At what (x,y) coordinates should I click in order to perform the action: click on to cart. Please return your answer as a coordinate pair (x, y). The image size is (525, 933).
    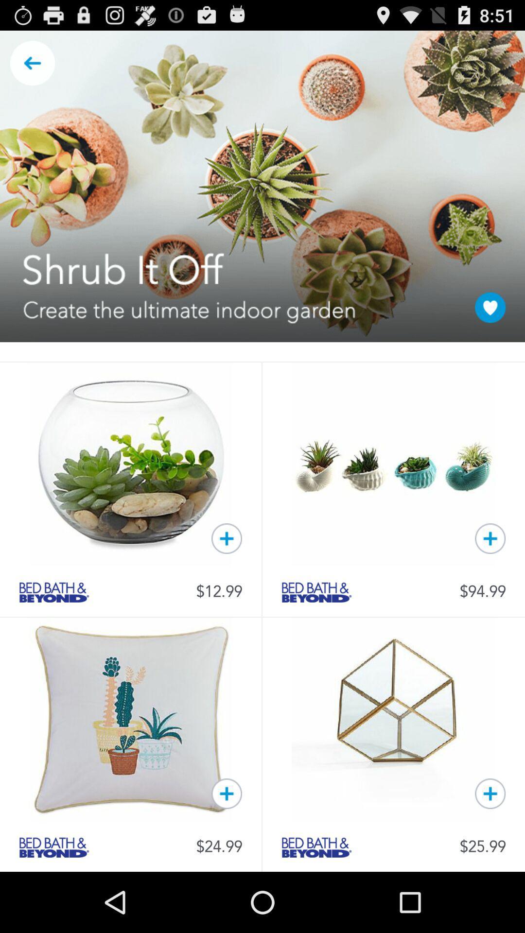
    Looking at the image, I should click on (227, 538).